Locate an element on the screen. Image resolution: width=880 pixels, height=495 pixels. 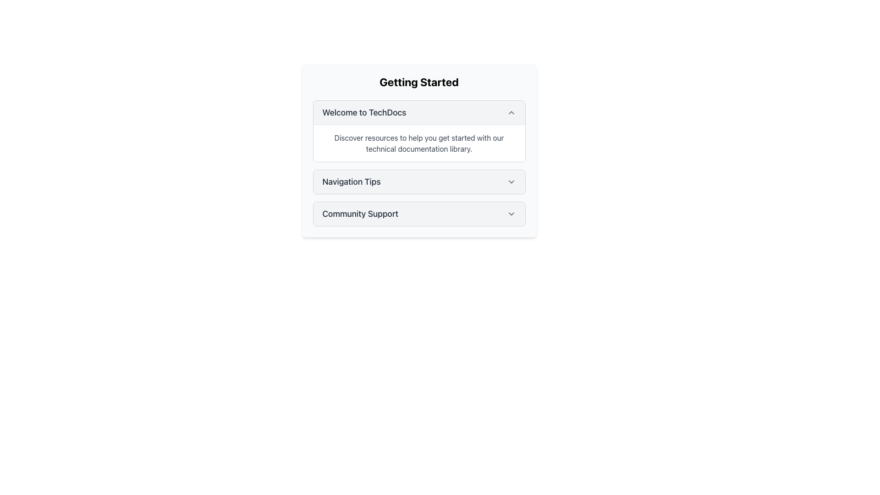
static text content in the 'Welcome to TechDocs' section which provides guidance for users in the technical documentation library is located at coordinates (418, 143).